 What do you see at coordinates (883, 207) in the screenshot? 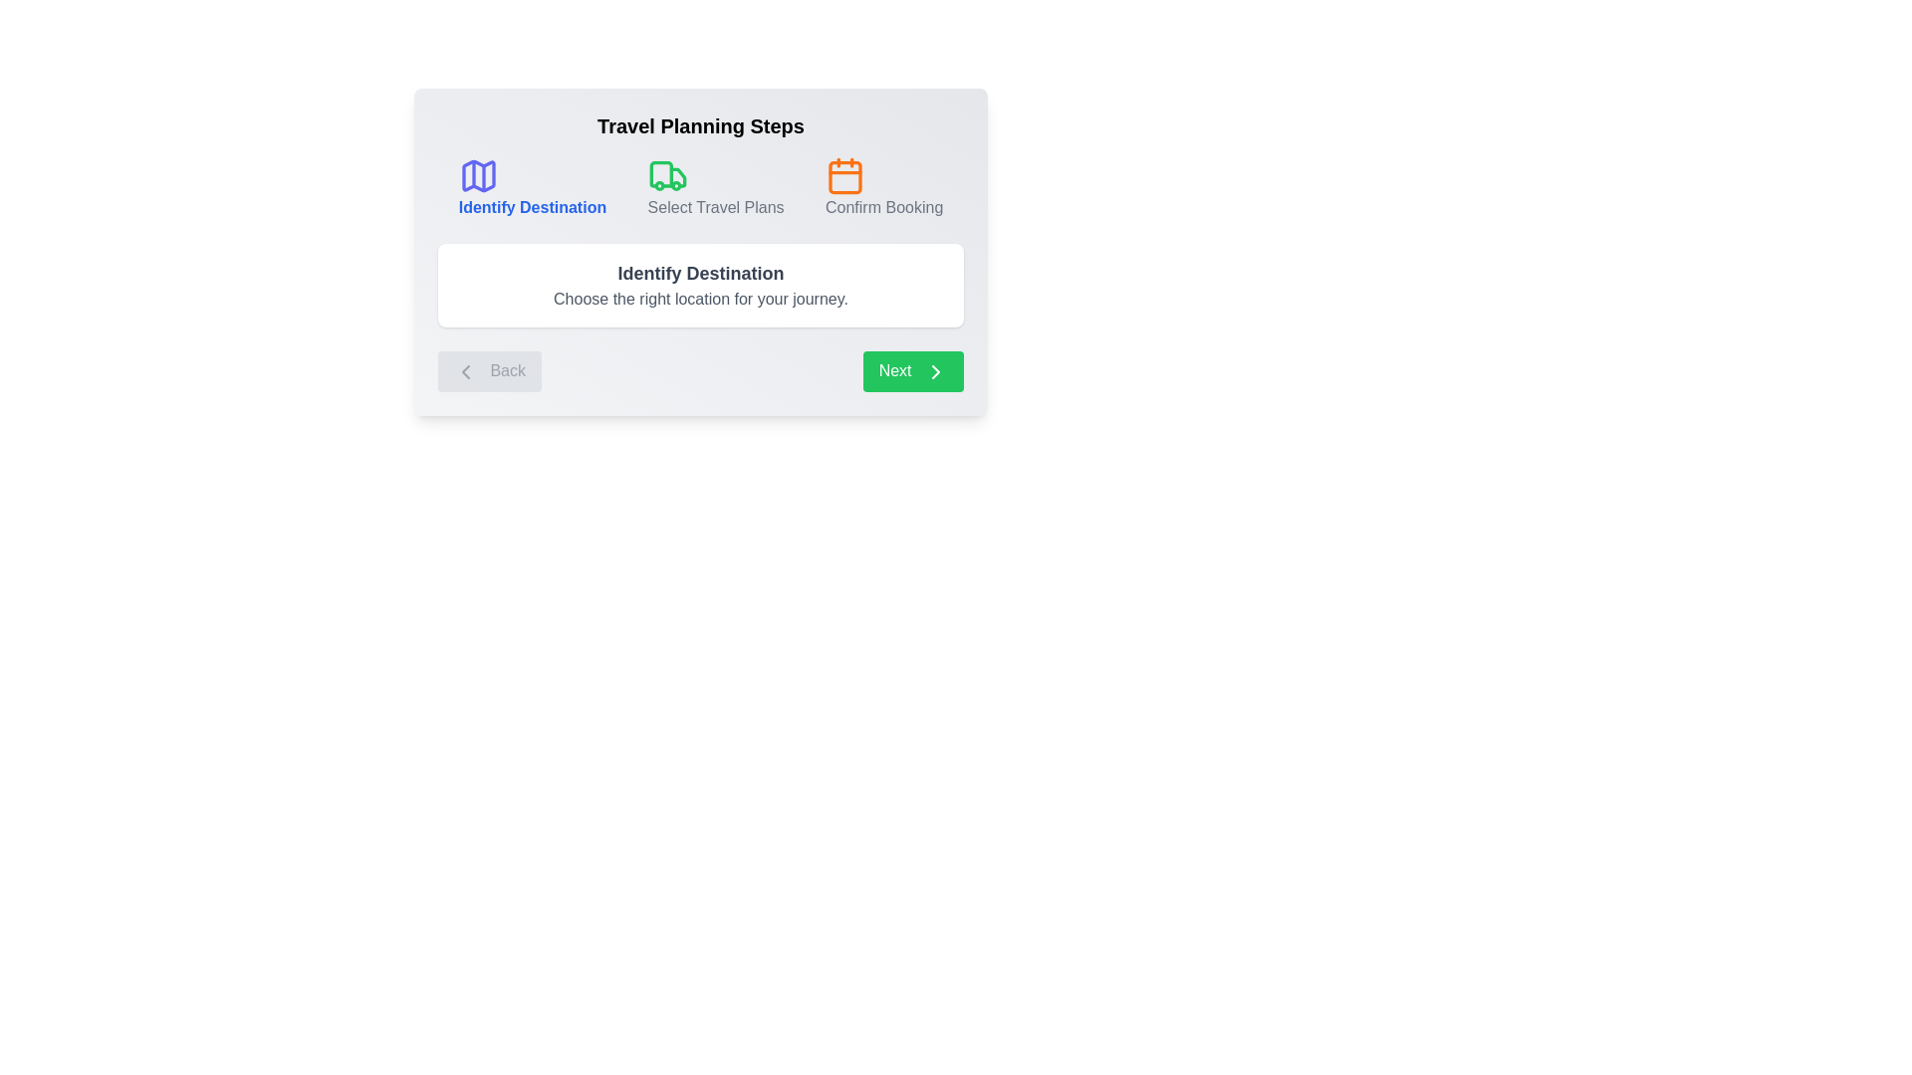
I see `the 'Confirm Booking' text label, which indicates the third step in the travel planning workflow, located in the light gray section below the 'Travel Planning Steps' heading` at bounding box center [883, 207].